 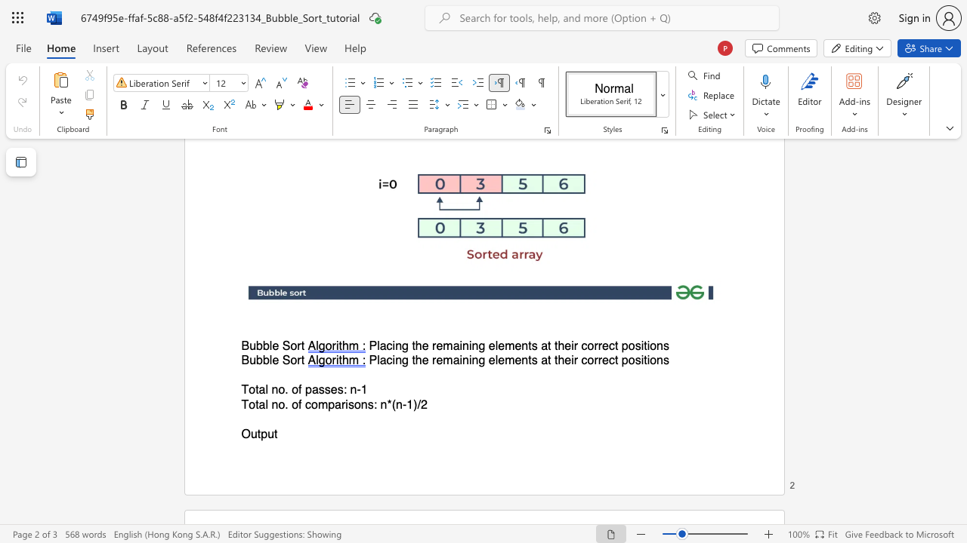 What do you see at coordinates (273, 360) in the screenshot?
I see `the space between the continuous character "l" and "e" in the text` at bounding box center [273, 360].